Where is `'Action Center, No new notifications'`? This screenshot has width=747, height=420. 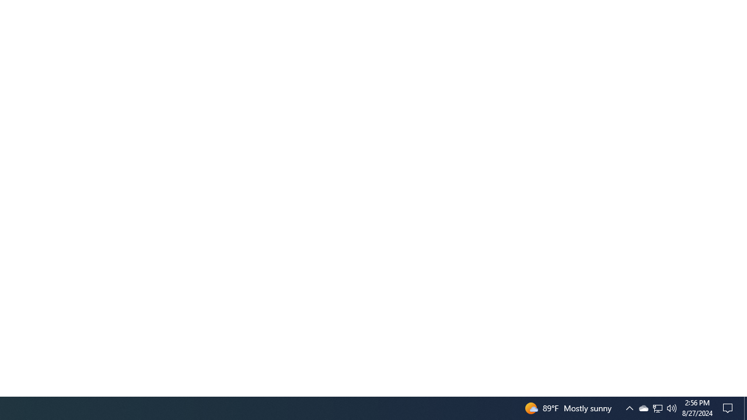 'Action Center, No new notifications' is located at coordinates (729, 407).